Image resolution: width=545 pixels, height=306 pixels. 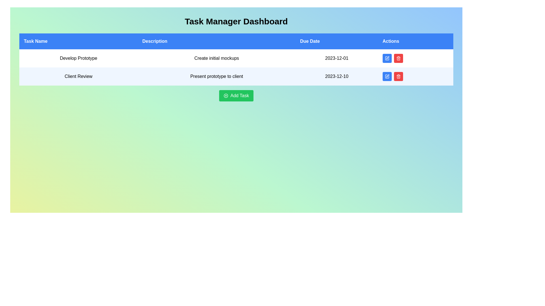 What do you see at coordinates (78, 58) in the screenshot?
I see `the table cell containing the text 'Develop Prototype', which is located in the first row and first column of a table structure, aligned under 'Task Name'` at bounding box center [78, 58].